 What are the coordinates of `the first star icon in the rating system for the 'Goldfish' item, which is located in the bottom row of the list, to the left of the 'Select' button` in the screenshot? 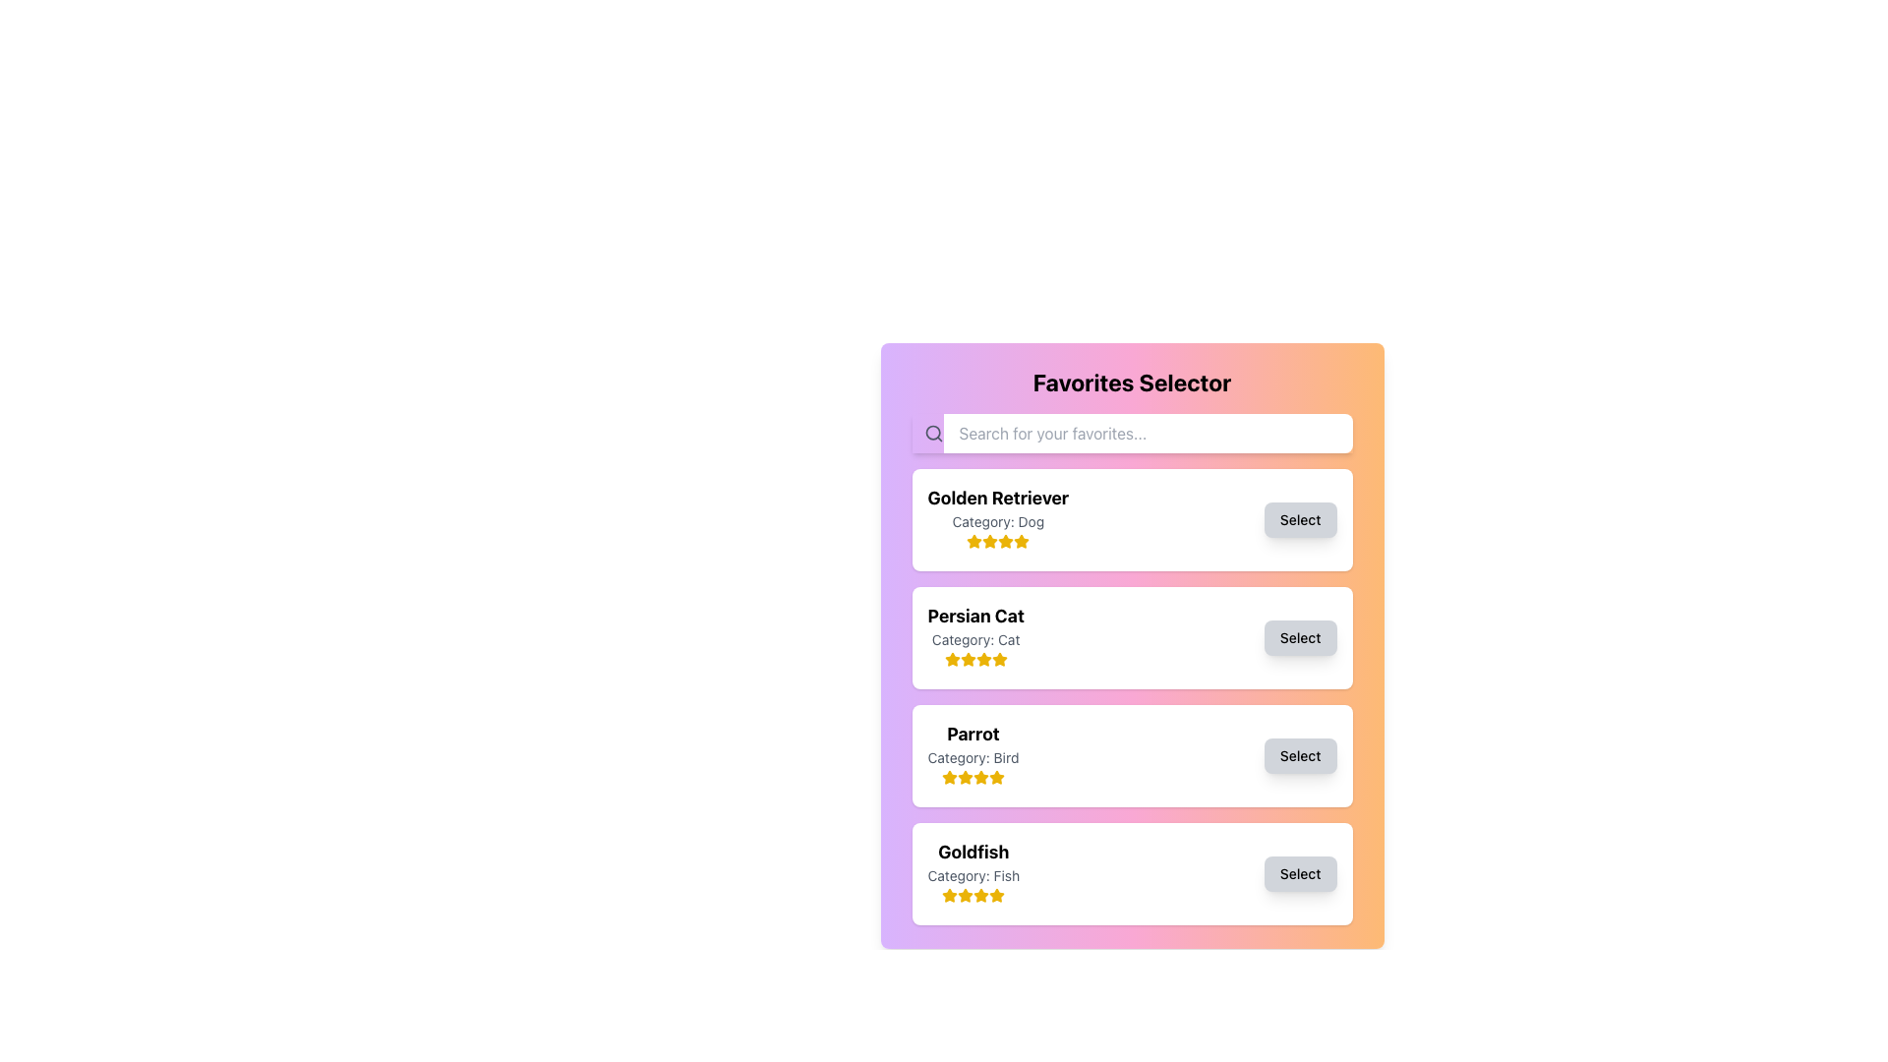 It's located at (950, 895).